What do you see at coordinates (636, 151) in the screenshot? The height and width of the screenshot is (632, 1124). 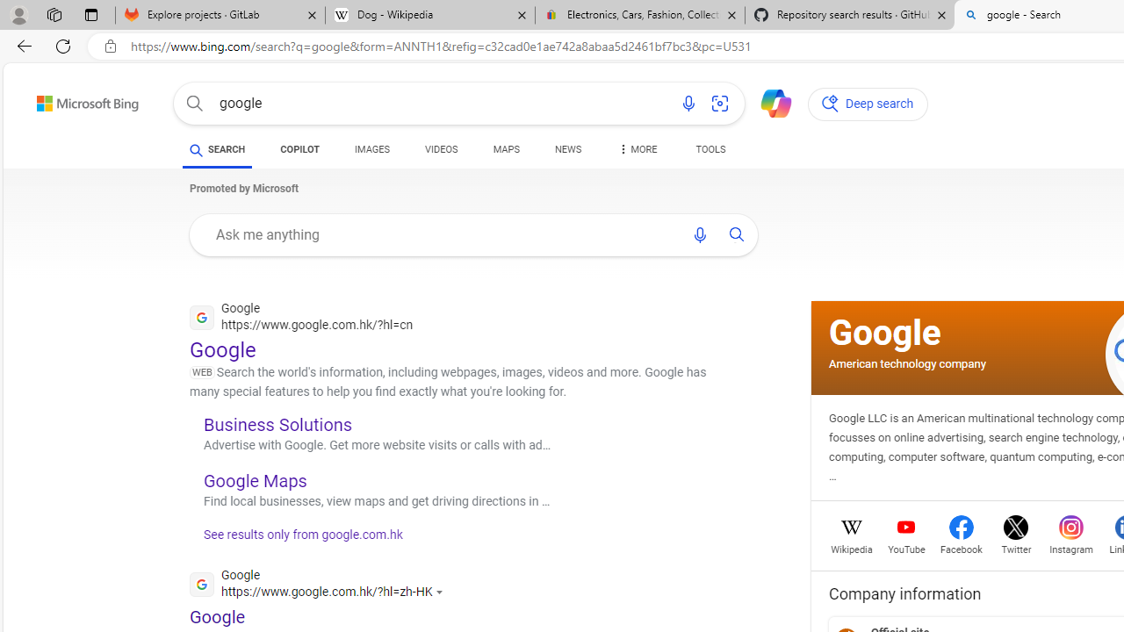 I see `'MORE'` at bounding box center [636, 151].